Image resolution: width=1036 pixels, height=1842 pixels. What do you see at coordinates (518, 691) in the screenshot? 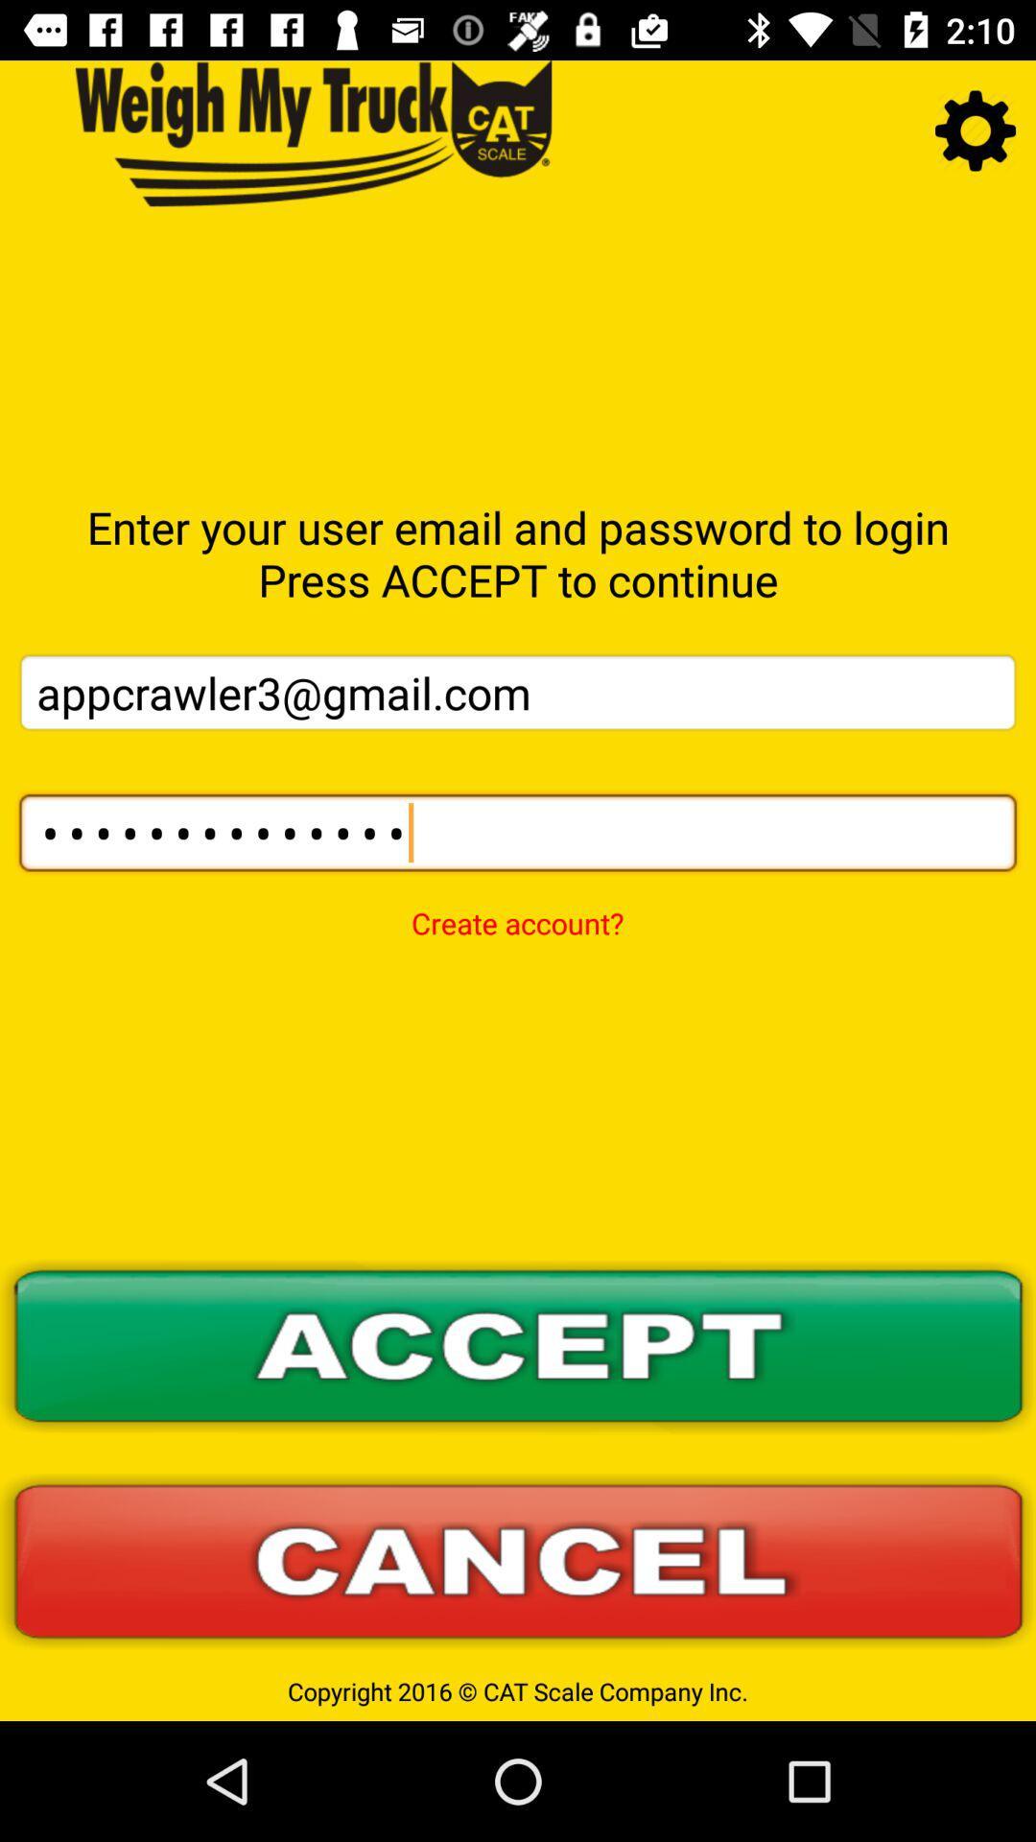
I see `the icon below enter your user icon` at bounding box center [518, 691].